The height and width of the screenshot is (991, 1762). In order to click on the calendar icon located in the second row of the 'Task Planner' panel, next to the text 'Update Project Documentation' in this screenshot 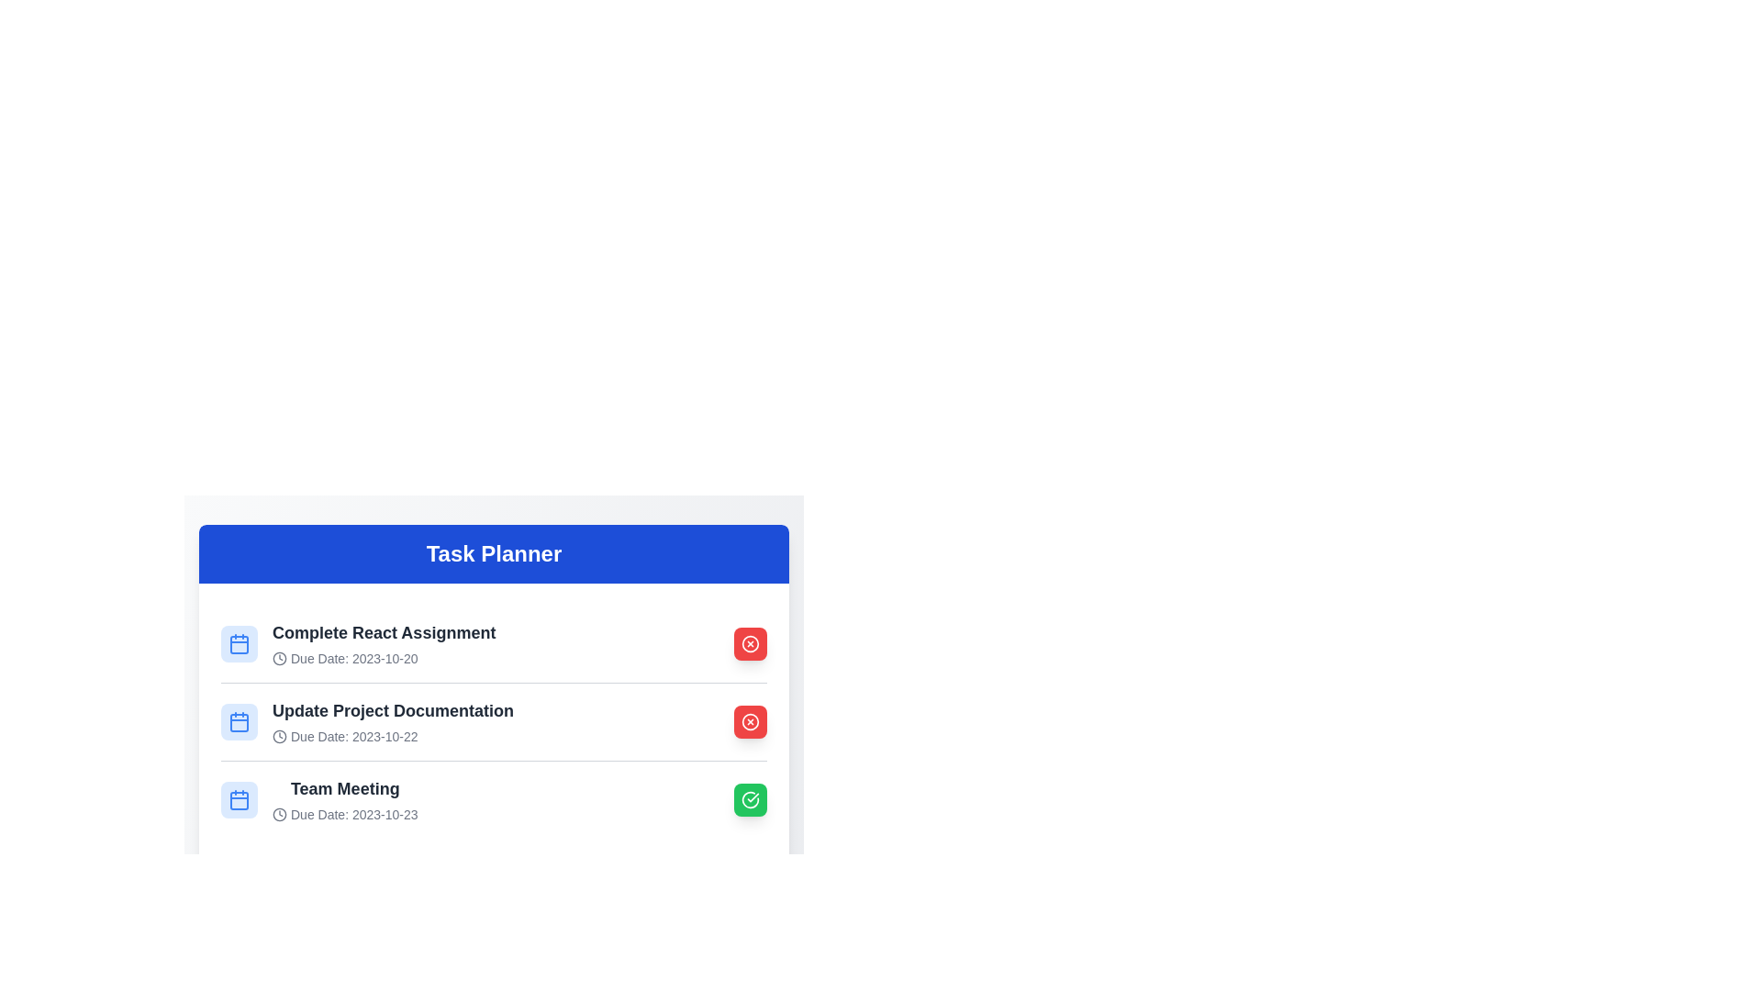, I will do `click(238, 720)`.